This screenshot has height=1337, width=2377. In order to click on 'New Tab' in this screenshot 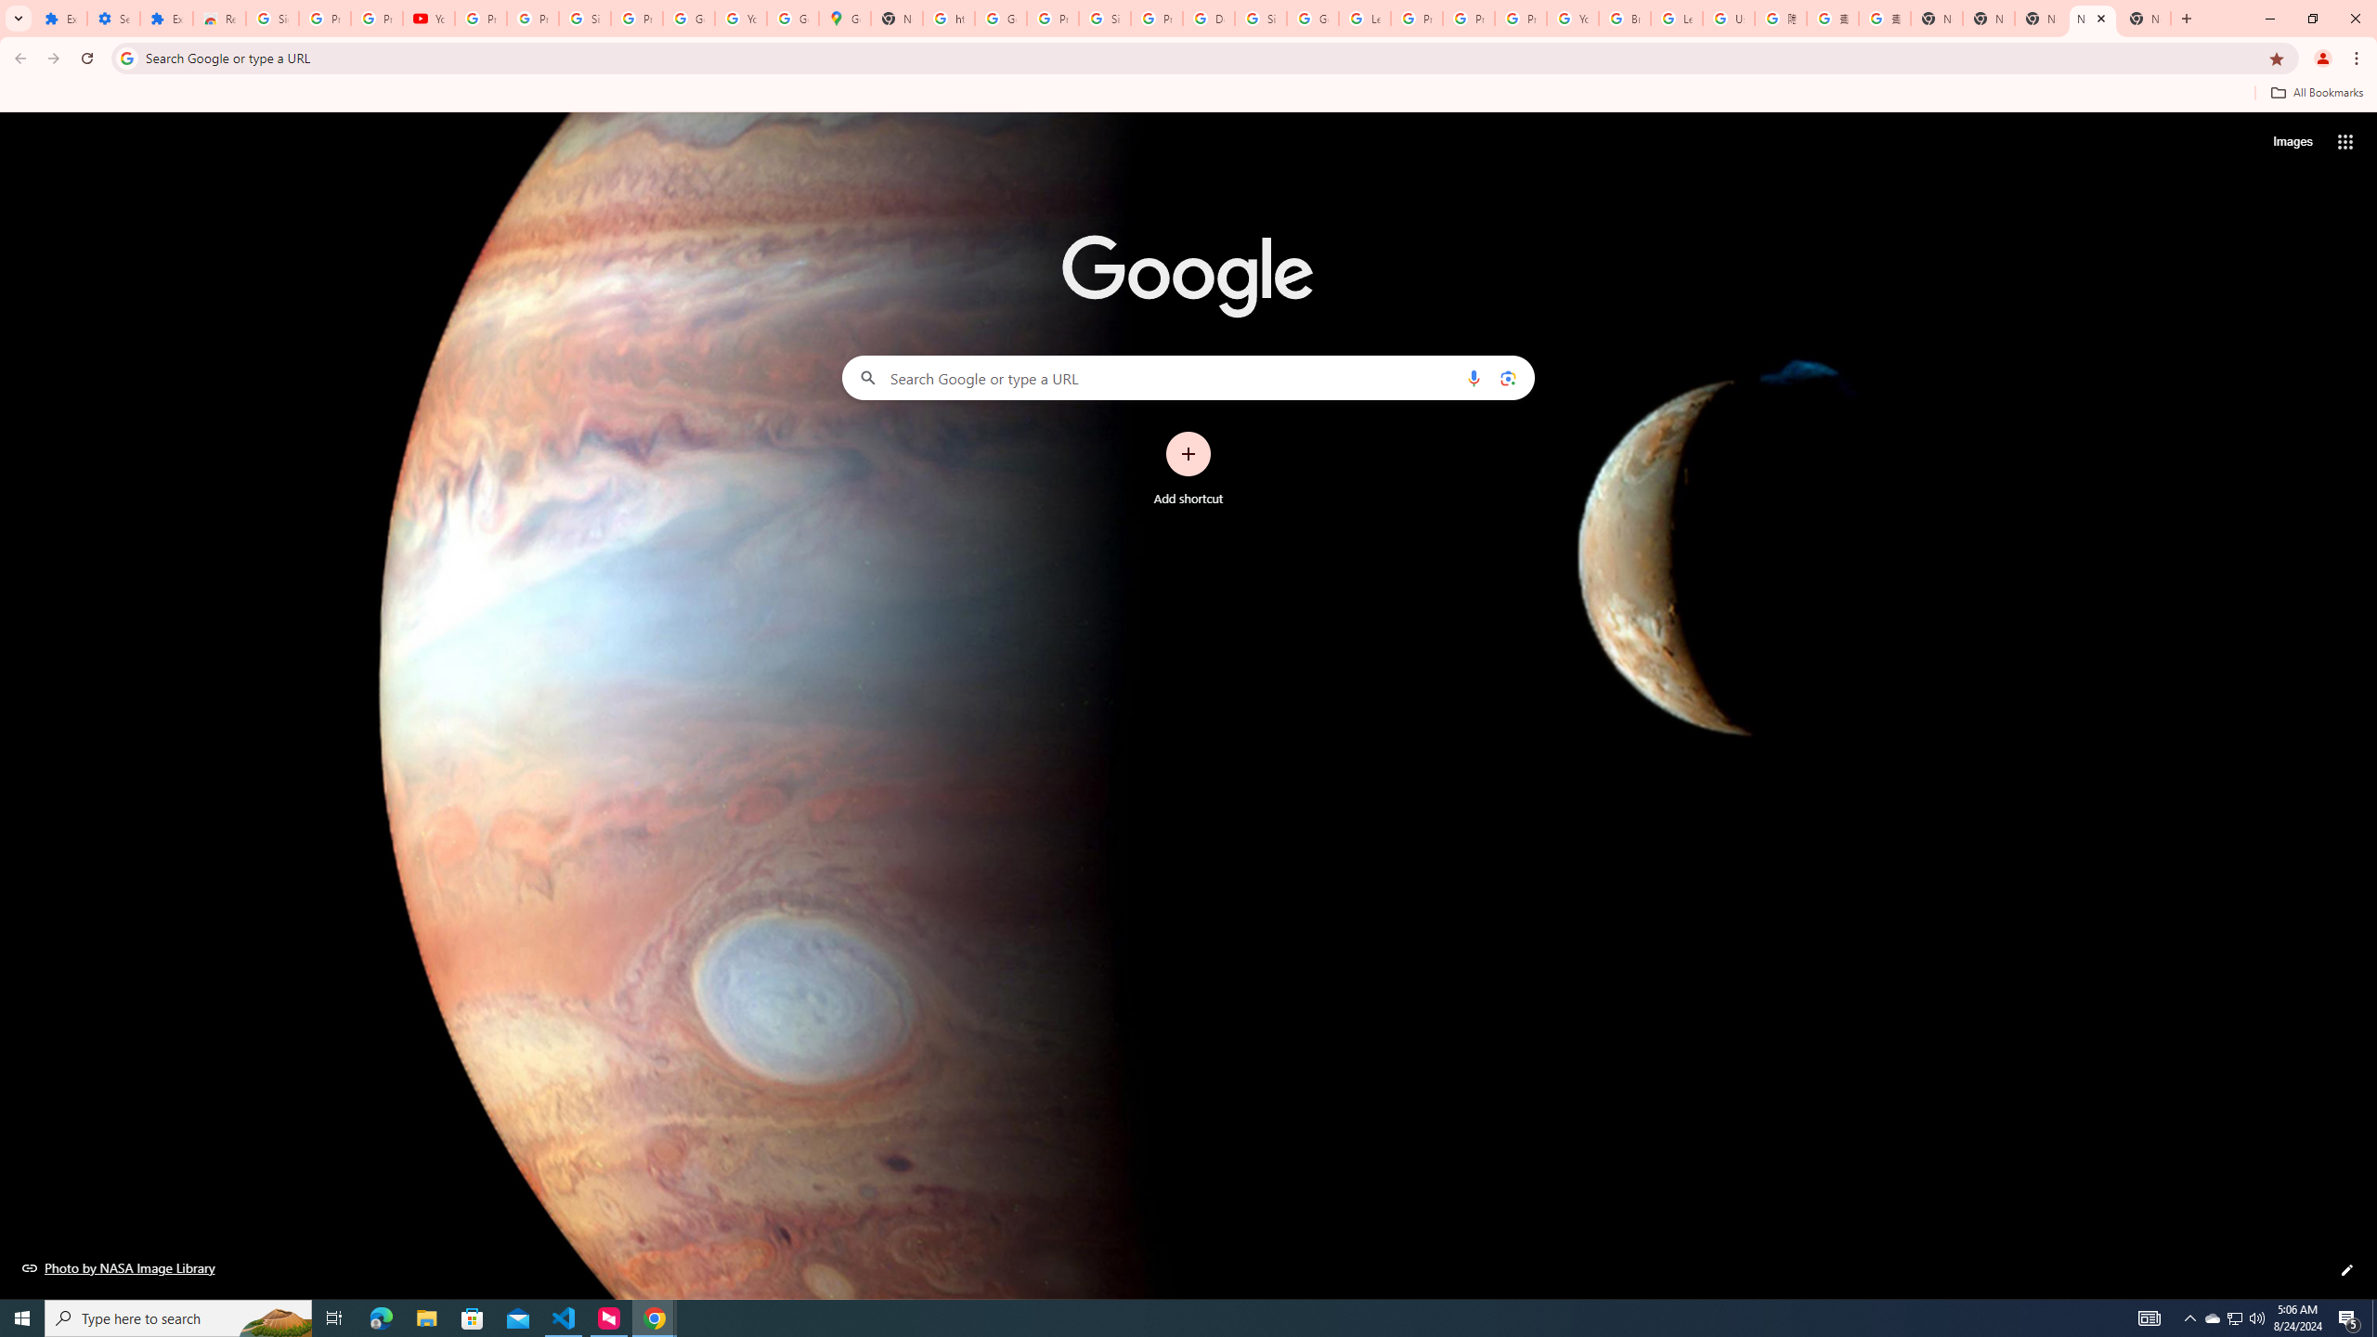, I will do `click(2145, 18)`.